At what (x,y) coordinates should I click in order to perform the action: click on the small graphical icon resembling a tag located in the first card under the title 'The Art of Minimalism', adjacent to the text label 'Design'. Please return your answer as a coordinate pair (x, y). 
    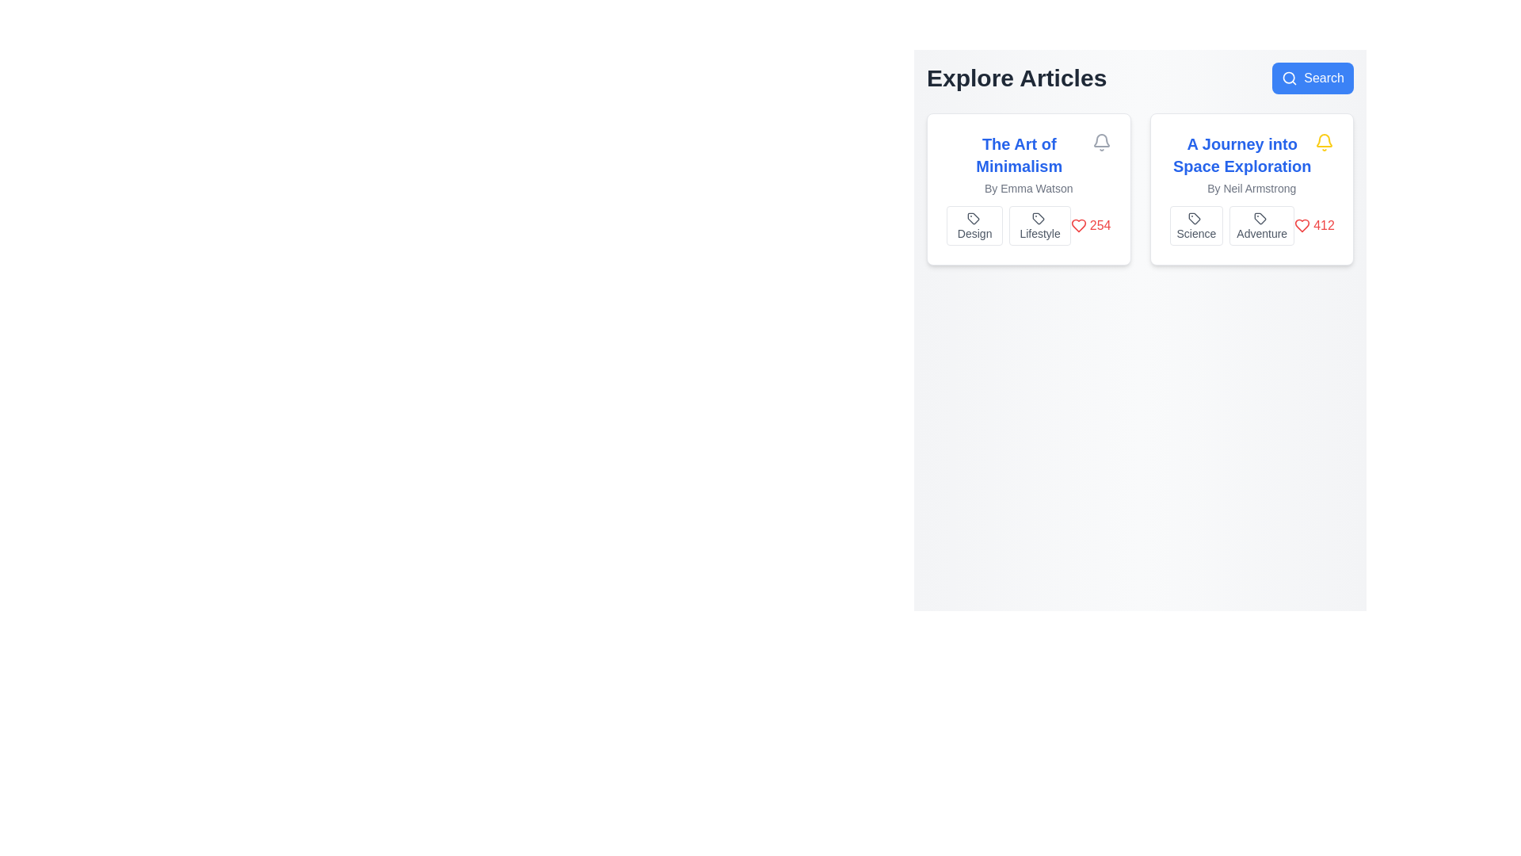
    Looking at the image, I should click on (972, 219).